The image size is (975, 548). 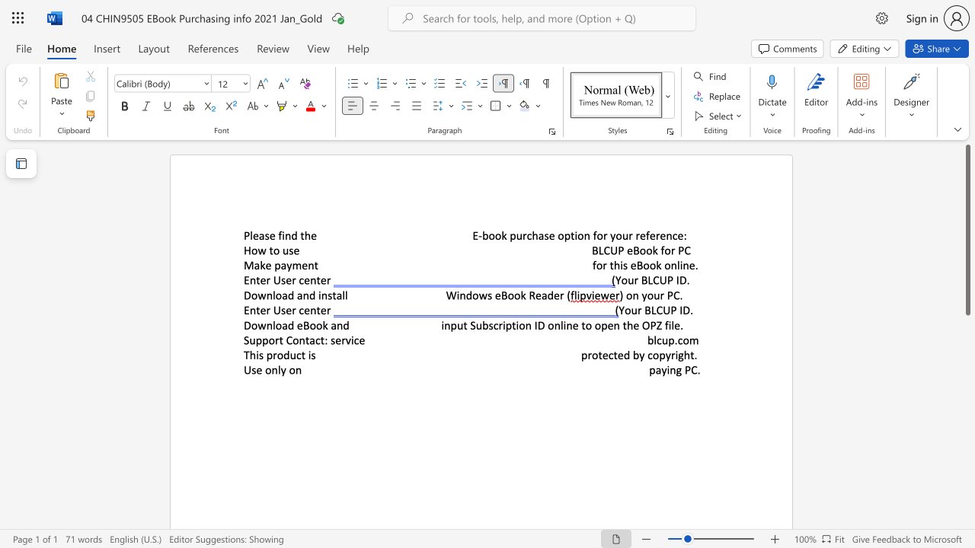 What do you see at coordinates (631, 235) in the screenshot?
I see `the 2th character "r" in the text` at bounding box center [631, 235].